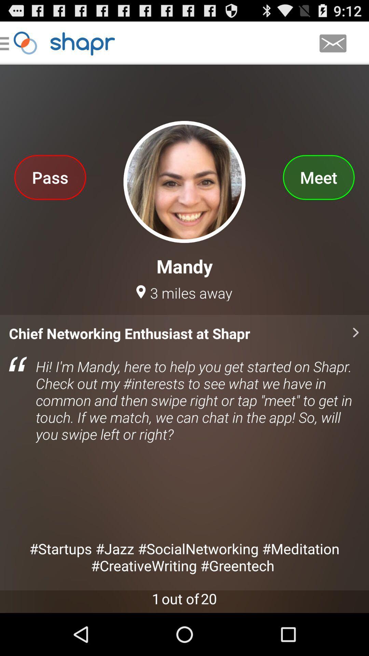  What do you see at coordinates (184, 452) in the screenshot?
I see `icon below 3 miles away app` at bounding box center [184, 452].